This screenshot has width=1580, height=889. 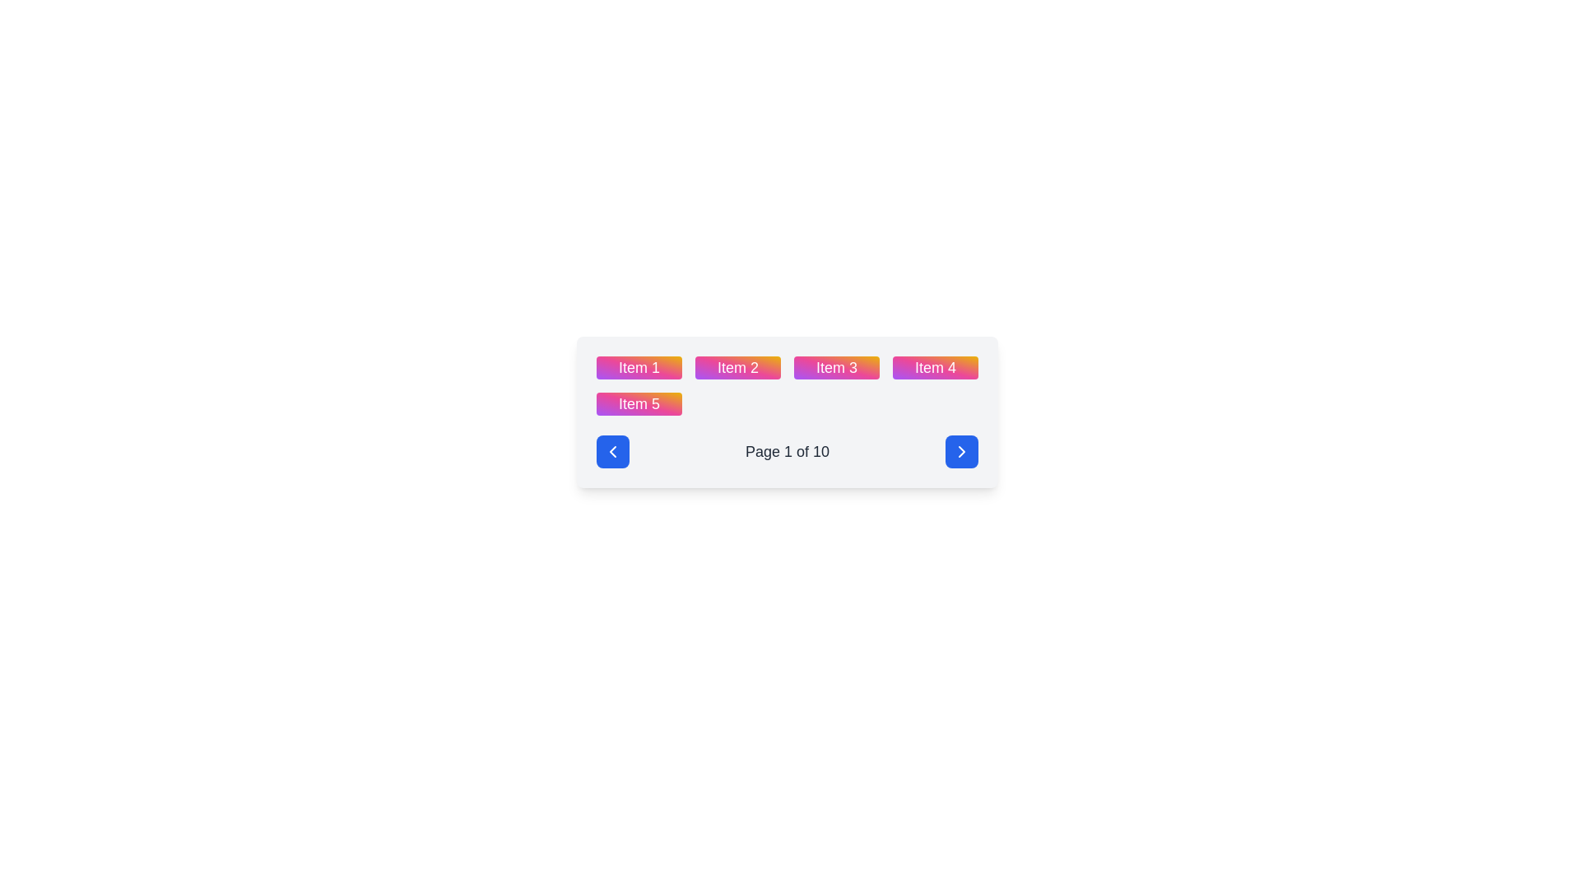 What do you see at coordinates (611, 451) in the screenshot?
I see `the left-facing arrow icon contained within the blue circular button located on the left side of the bottom navigation section of the interface` at bounding box center [611, 451].